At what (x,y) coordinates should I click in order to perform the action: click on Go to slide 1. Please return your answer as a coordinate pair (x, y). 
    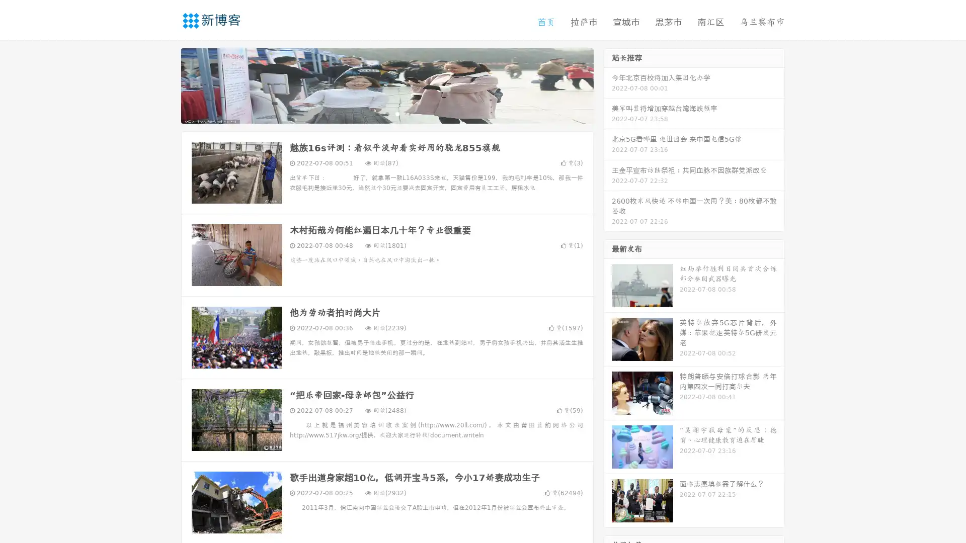
    Looking at the image, I should click on (376, 113).